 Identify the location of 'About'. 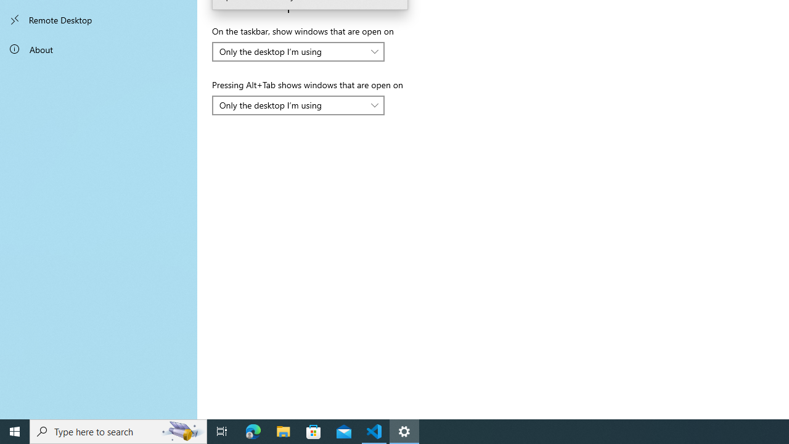
(99, 48).